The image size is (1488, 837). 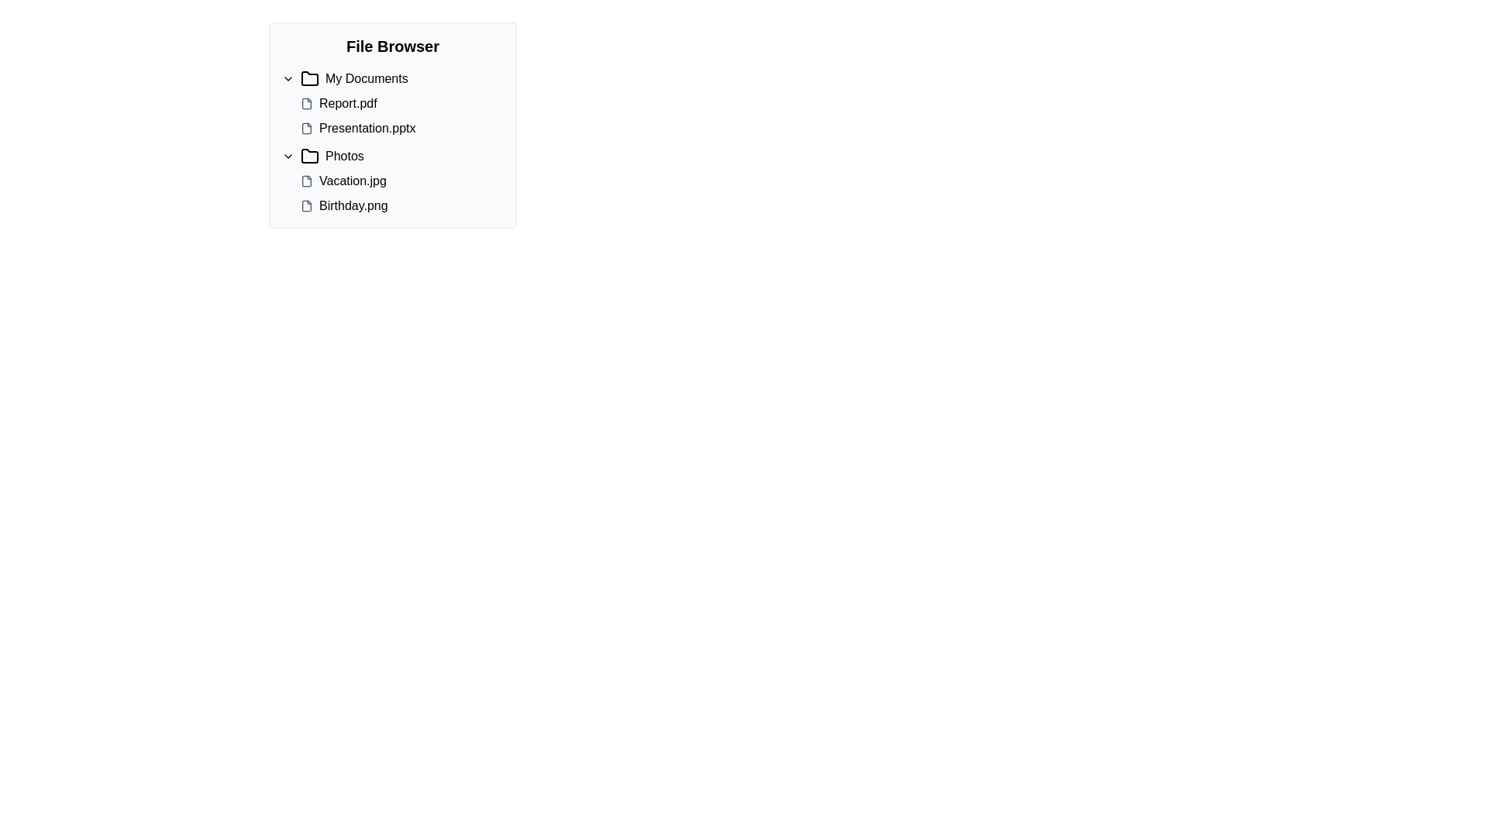 I want to click on the file list item group containing file names 'Vacation.jpg' and 'Birthday.png', so click(x=393, y=193).